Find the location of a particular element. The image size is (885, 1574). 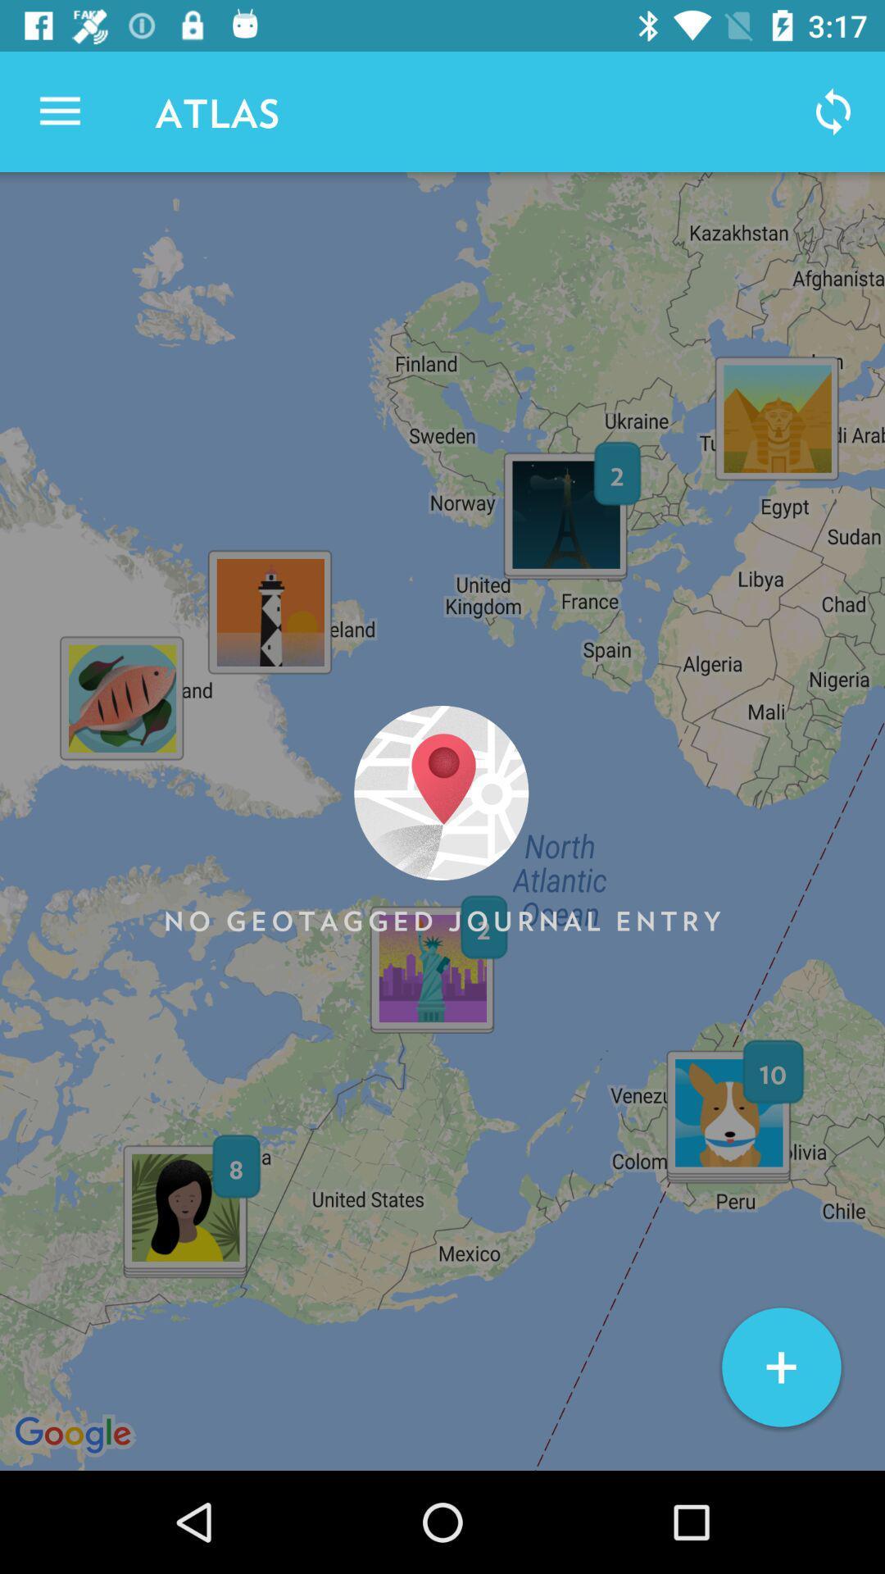

+ icon is located at coordinates (780, 1367).